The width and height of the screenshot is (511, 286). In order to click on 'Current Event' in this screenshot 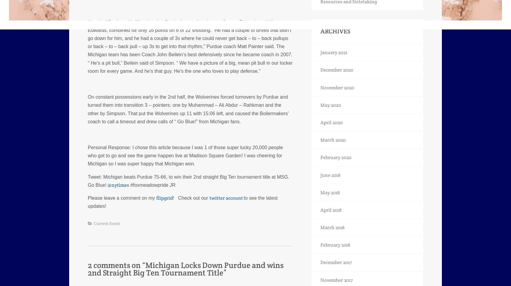, I will do `click(106, 223)`.